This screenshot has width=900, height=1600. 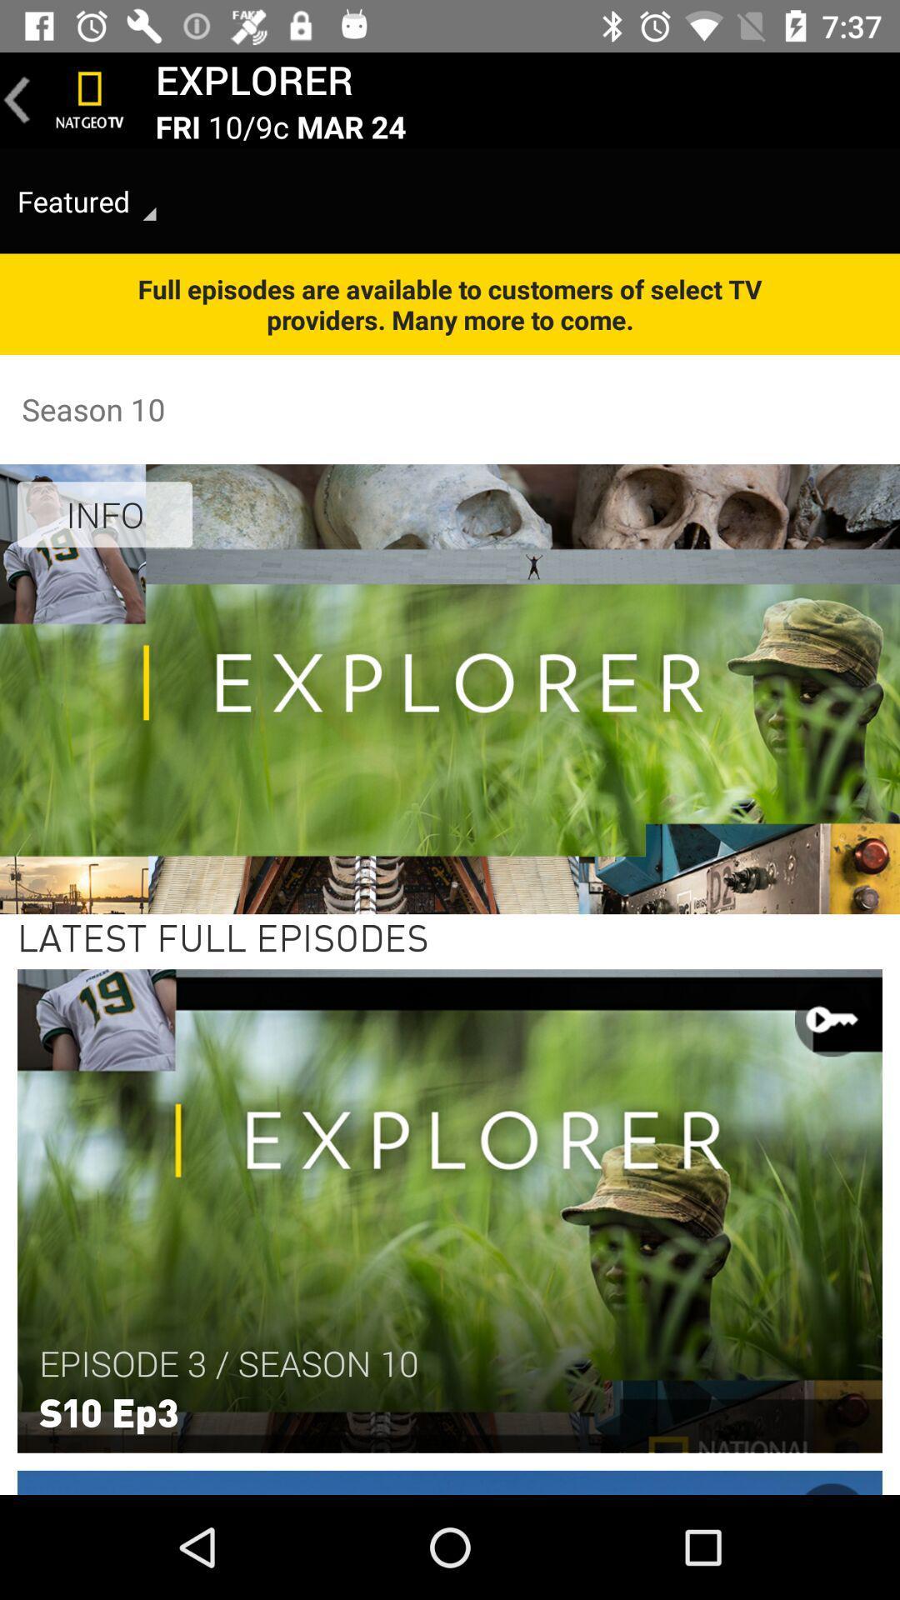 What do you see at coordinates (17, 99) in the screenshot?
I see `previous` at bounding box center [17, 99].